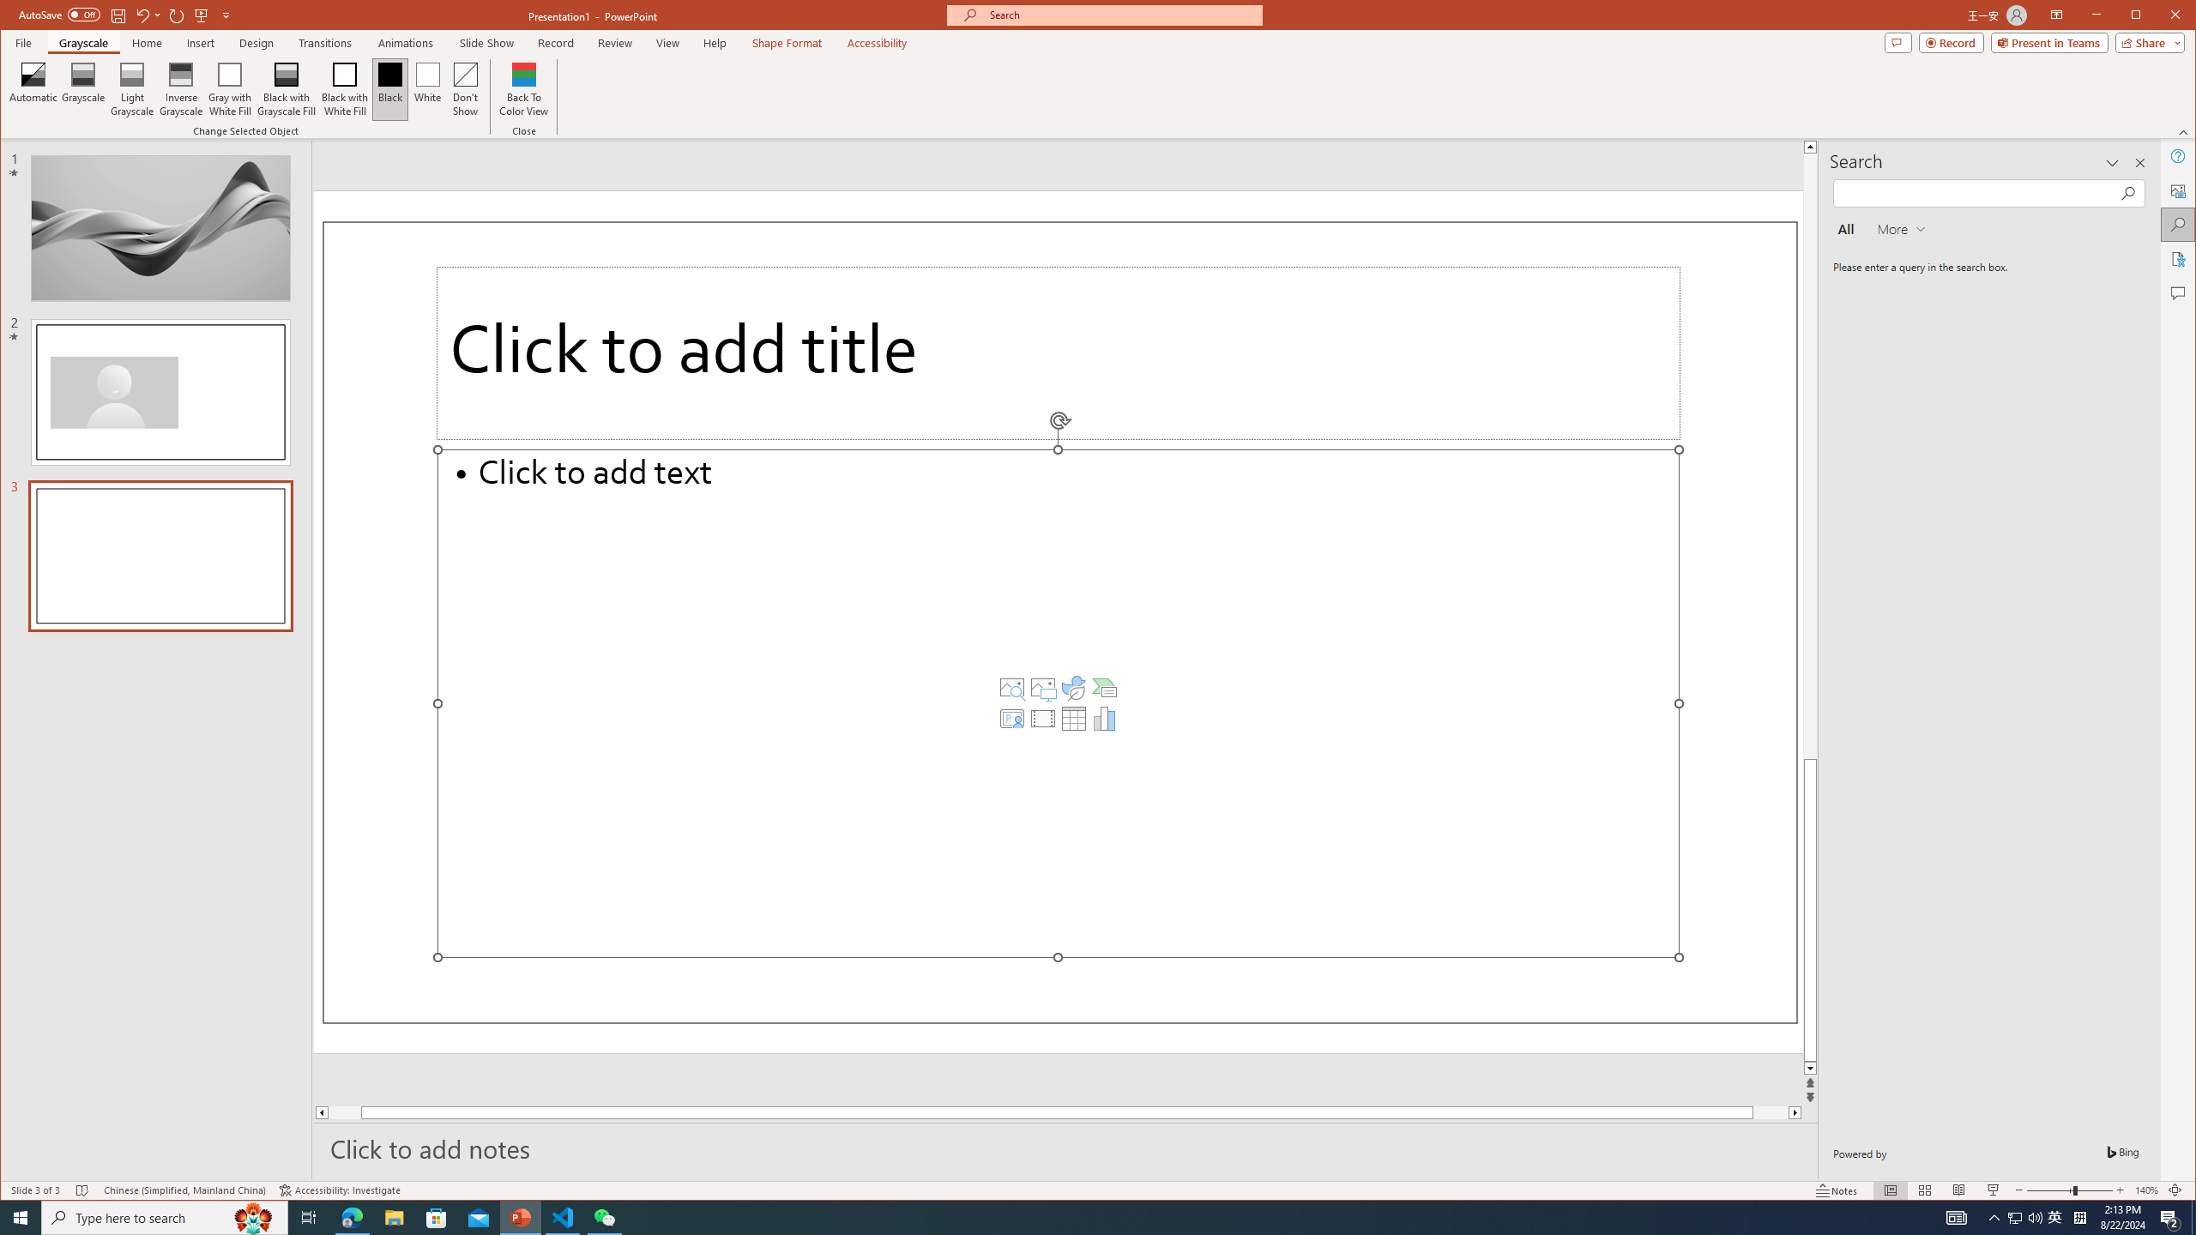  I want to click on 'Don', so click(465, 88).